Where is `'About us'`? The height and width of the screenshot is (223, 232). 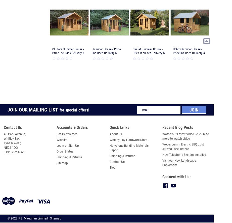 'About us' is located at coordinates (115, 134).